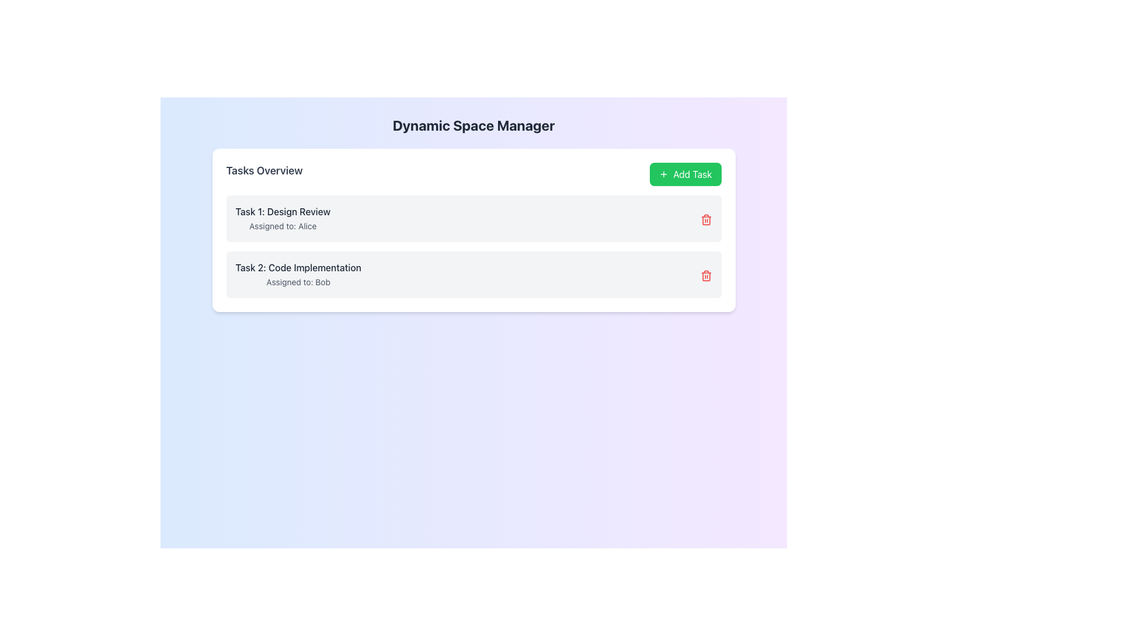 This screenshot has width=1121, height=630. I want to click on the task item in the 'Tasks Overview' section, so click(474, 246).